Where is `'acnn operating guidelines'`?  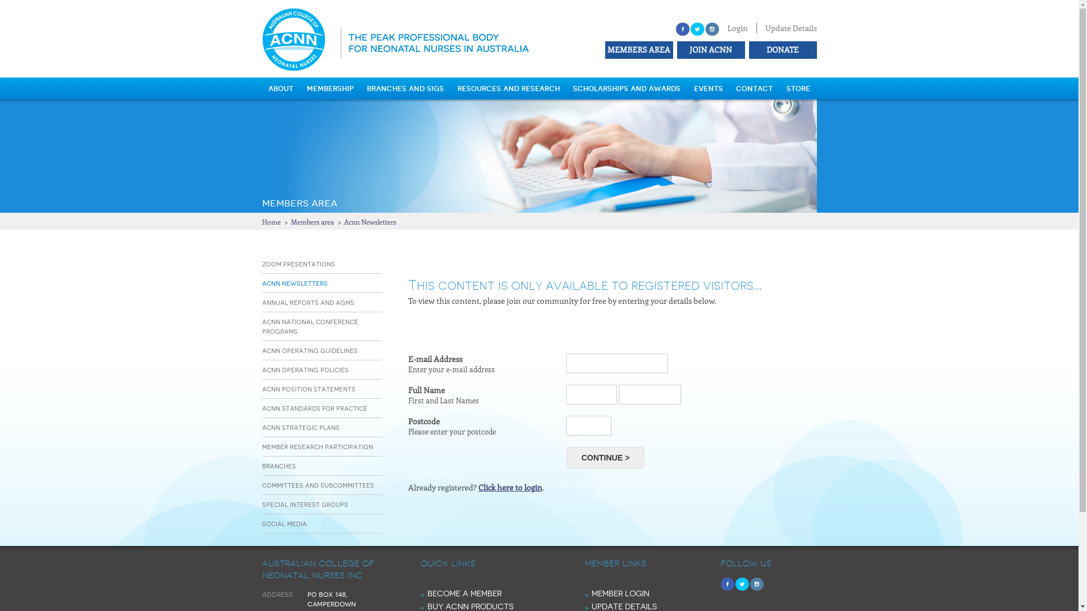
'acnn operating guidelines' is located at coordinates (309, 350).